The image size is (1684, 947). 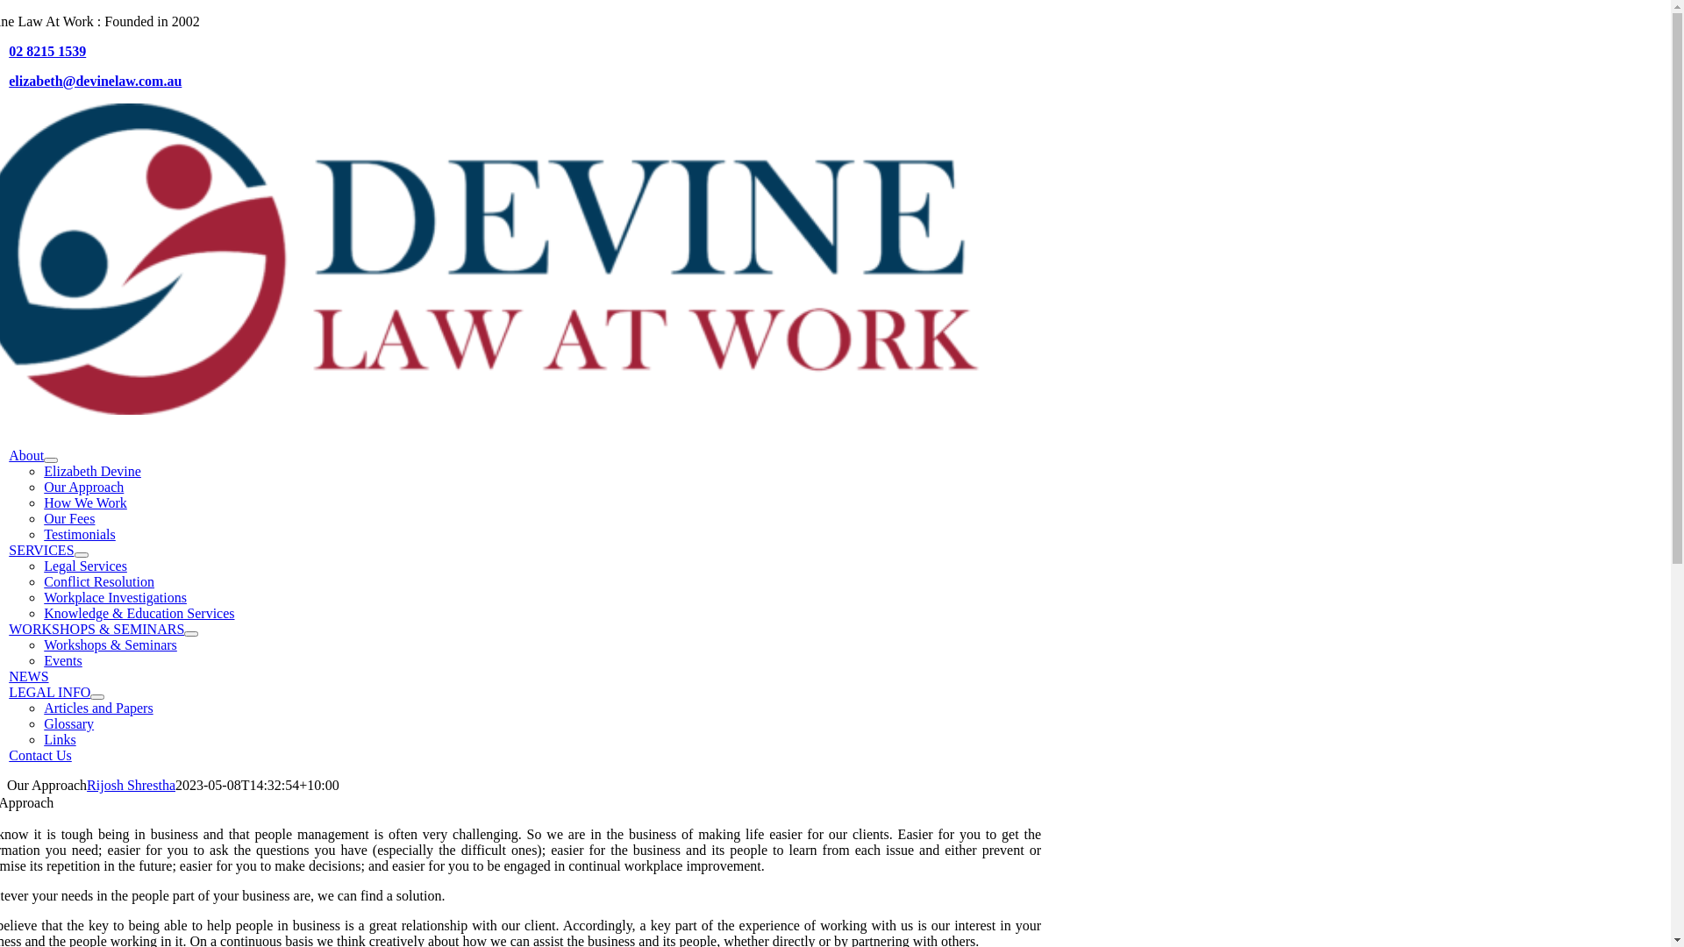 I want to click on 'About', so click(x=8, y=454).